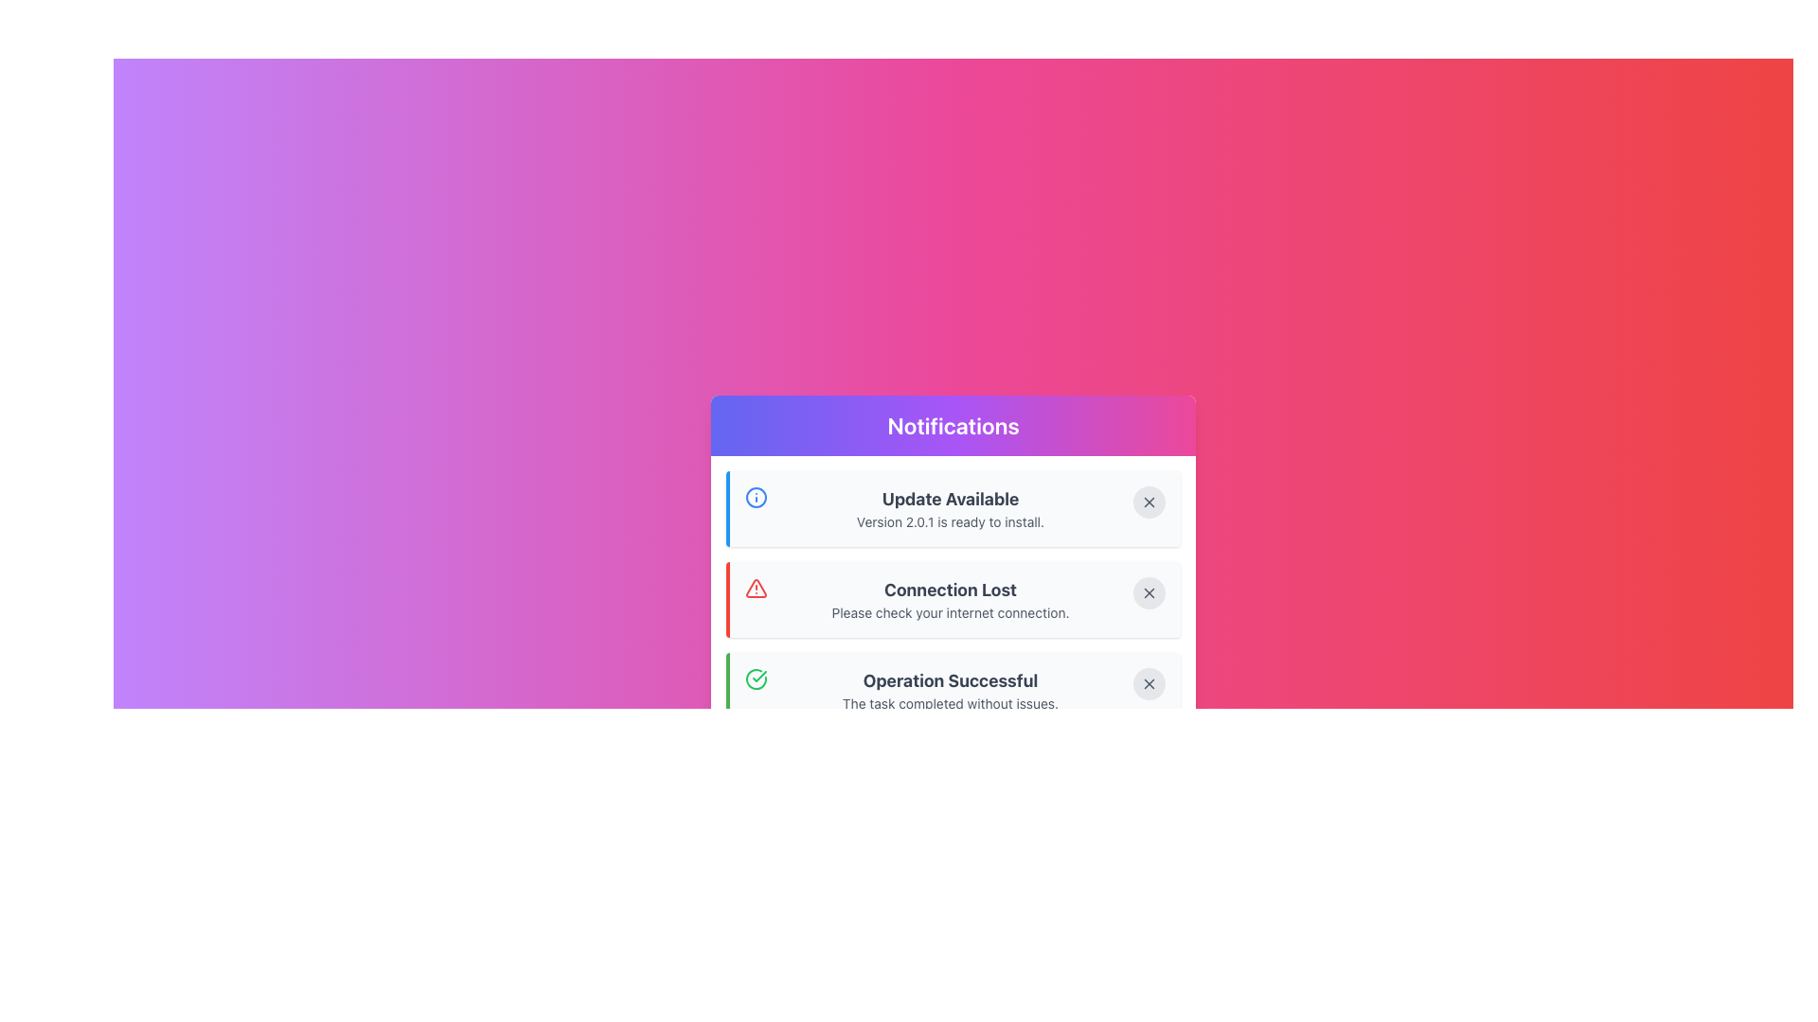 The image size is (1818, 1022). What do you see at coordinates (950, 590) in the screenshot?
I see `text displayed in bold as 'Connection Lost', which is prominently shown in the second notification card of the modal, positioned between 'Update Available' and 'Operation Successful' notifications` at bounding box center [950, 590].